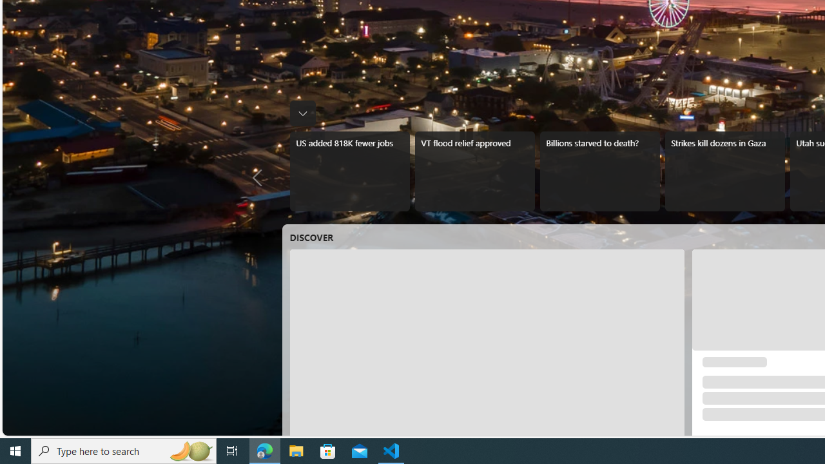 The width and height of the screenshot is (825, 464). Describe the element at coordinates (302, 113) in the screenshot. I see `'The taskbar was expanded. Press to collapse taskbar'` at that location.